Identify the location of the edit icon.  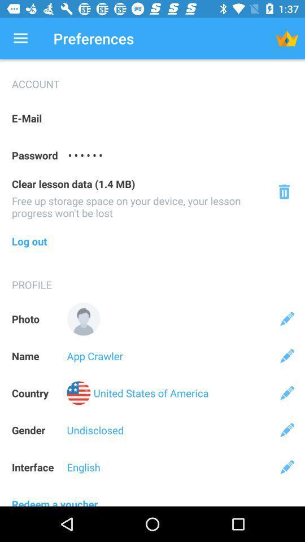
(287, 355).